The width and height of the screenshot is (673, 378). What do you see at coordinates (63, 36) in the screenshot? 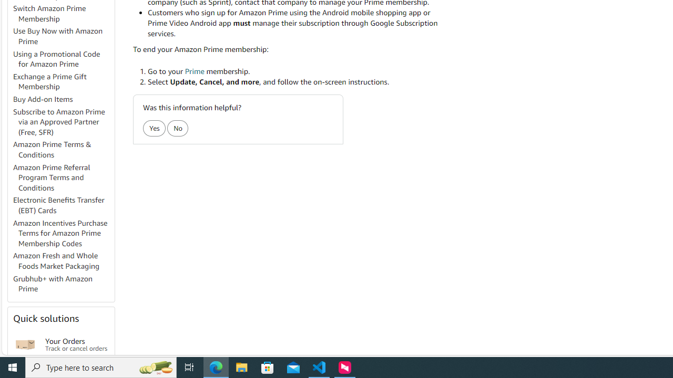
I see `'Use Buy Now with Amazon Prime'` at bounding box center [63, 36].